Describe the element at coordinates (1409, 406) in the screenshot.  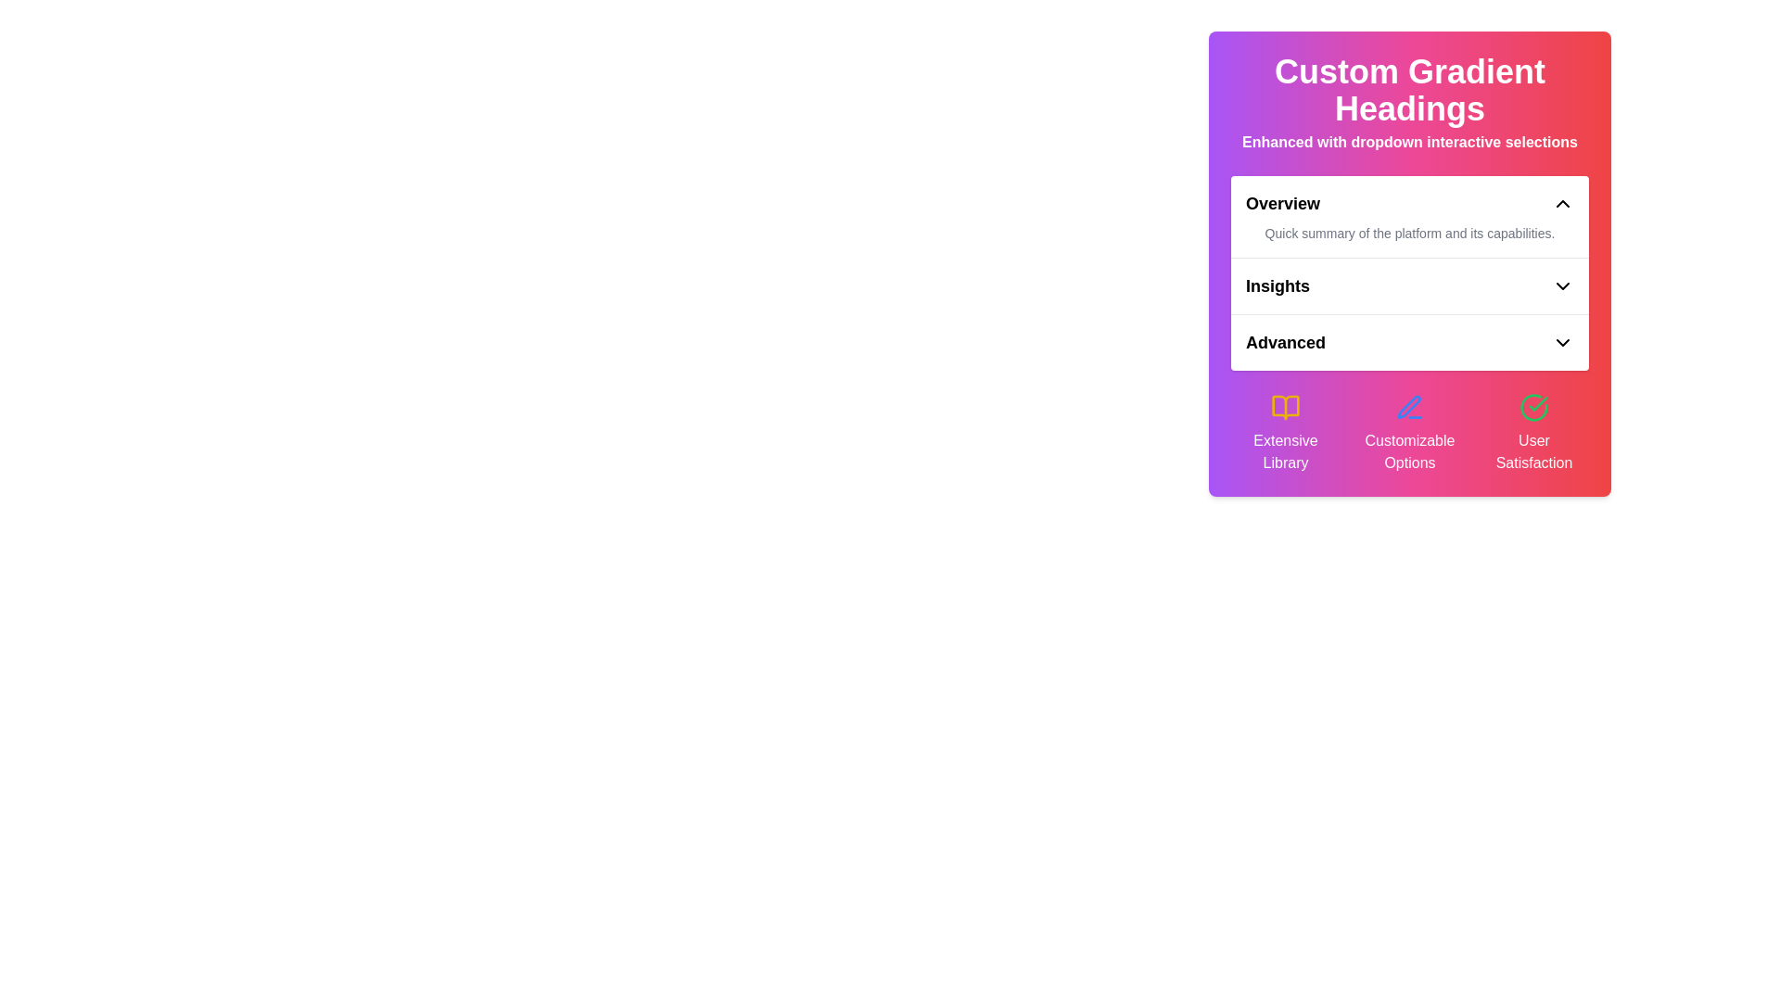
I see `the middle icon, which is a pen-shaped SVG graphic representing a customization option, located centrally within a blue square icon at the bottom-middle of the gradient card interface` at that location.